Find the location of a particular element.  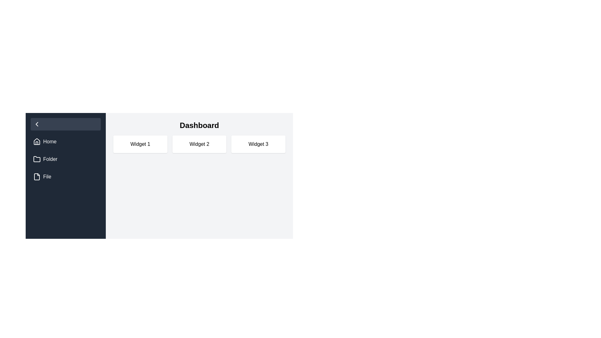

the Informational Box displaying 'Widget 1' by moving the cursor to its center point is located at coordinates (140, 144).